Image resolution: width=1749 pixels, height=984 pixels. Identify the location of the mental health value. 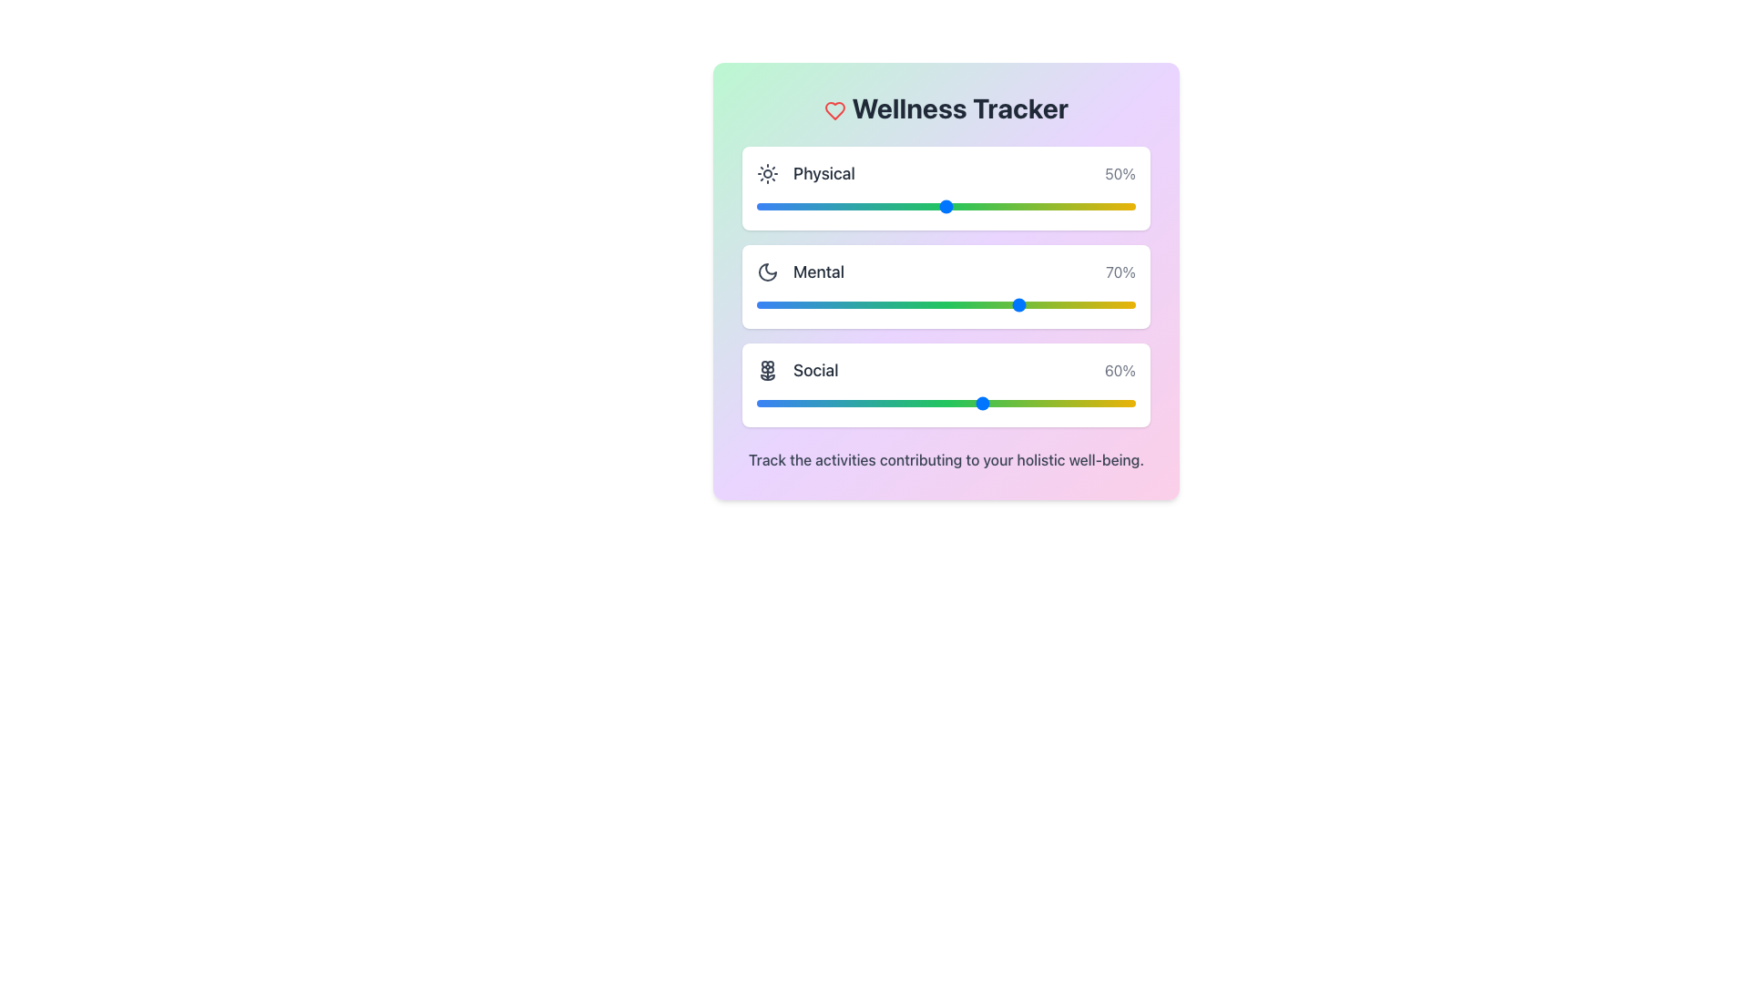
(779, 304).